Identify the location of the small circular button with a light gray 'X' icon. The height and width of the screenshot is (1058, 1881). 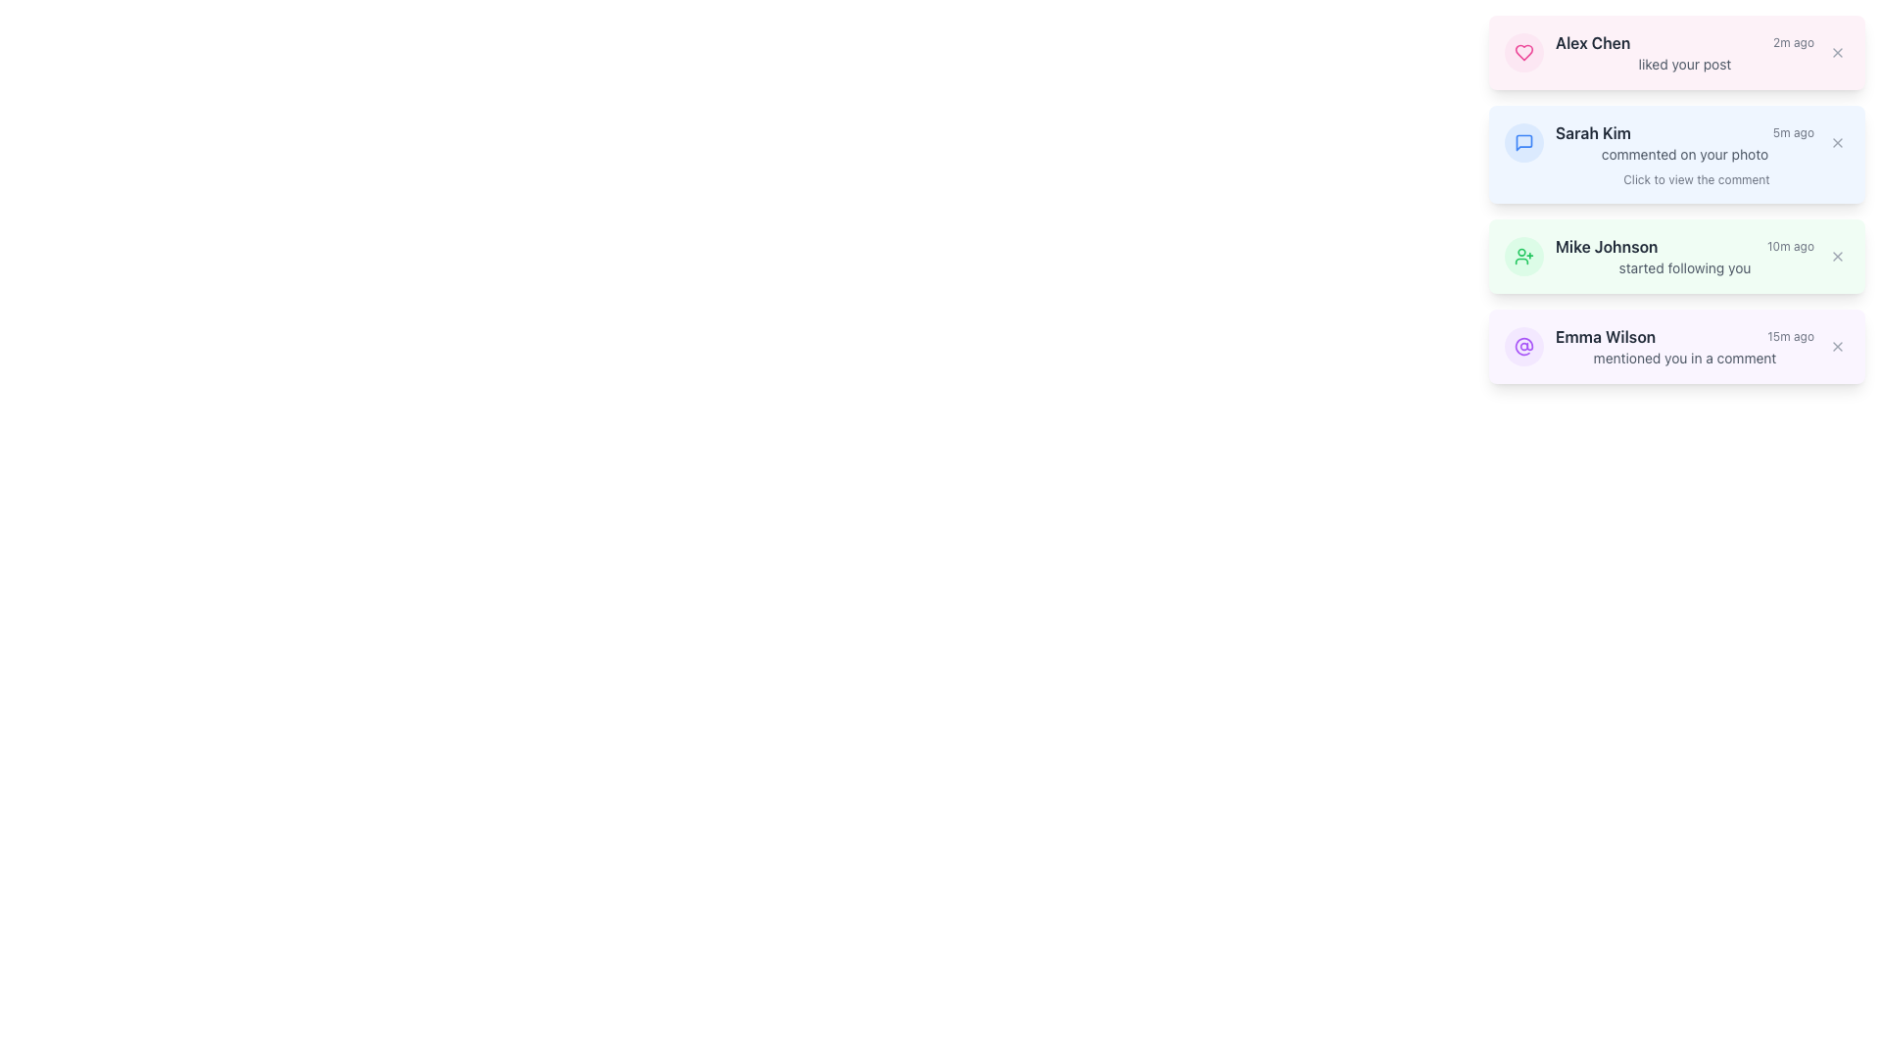
(1837, 256).